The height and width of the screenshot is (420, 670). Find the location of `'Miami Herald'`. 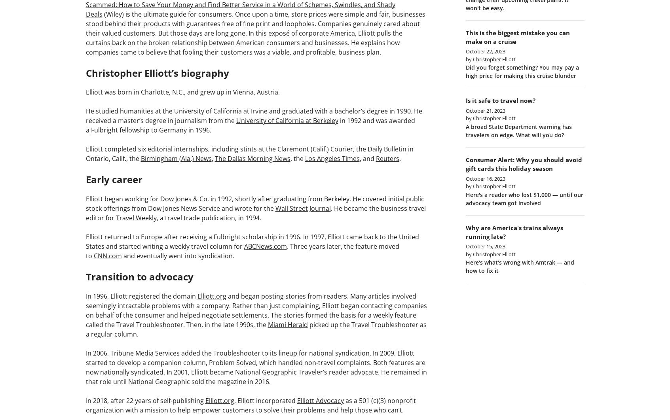

'Miami Herald' is located at coordinates (287, 324).